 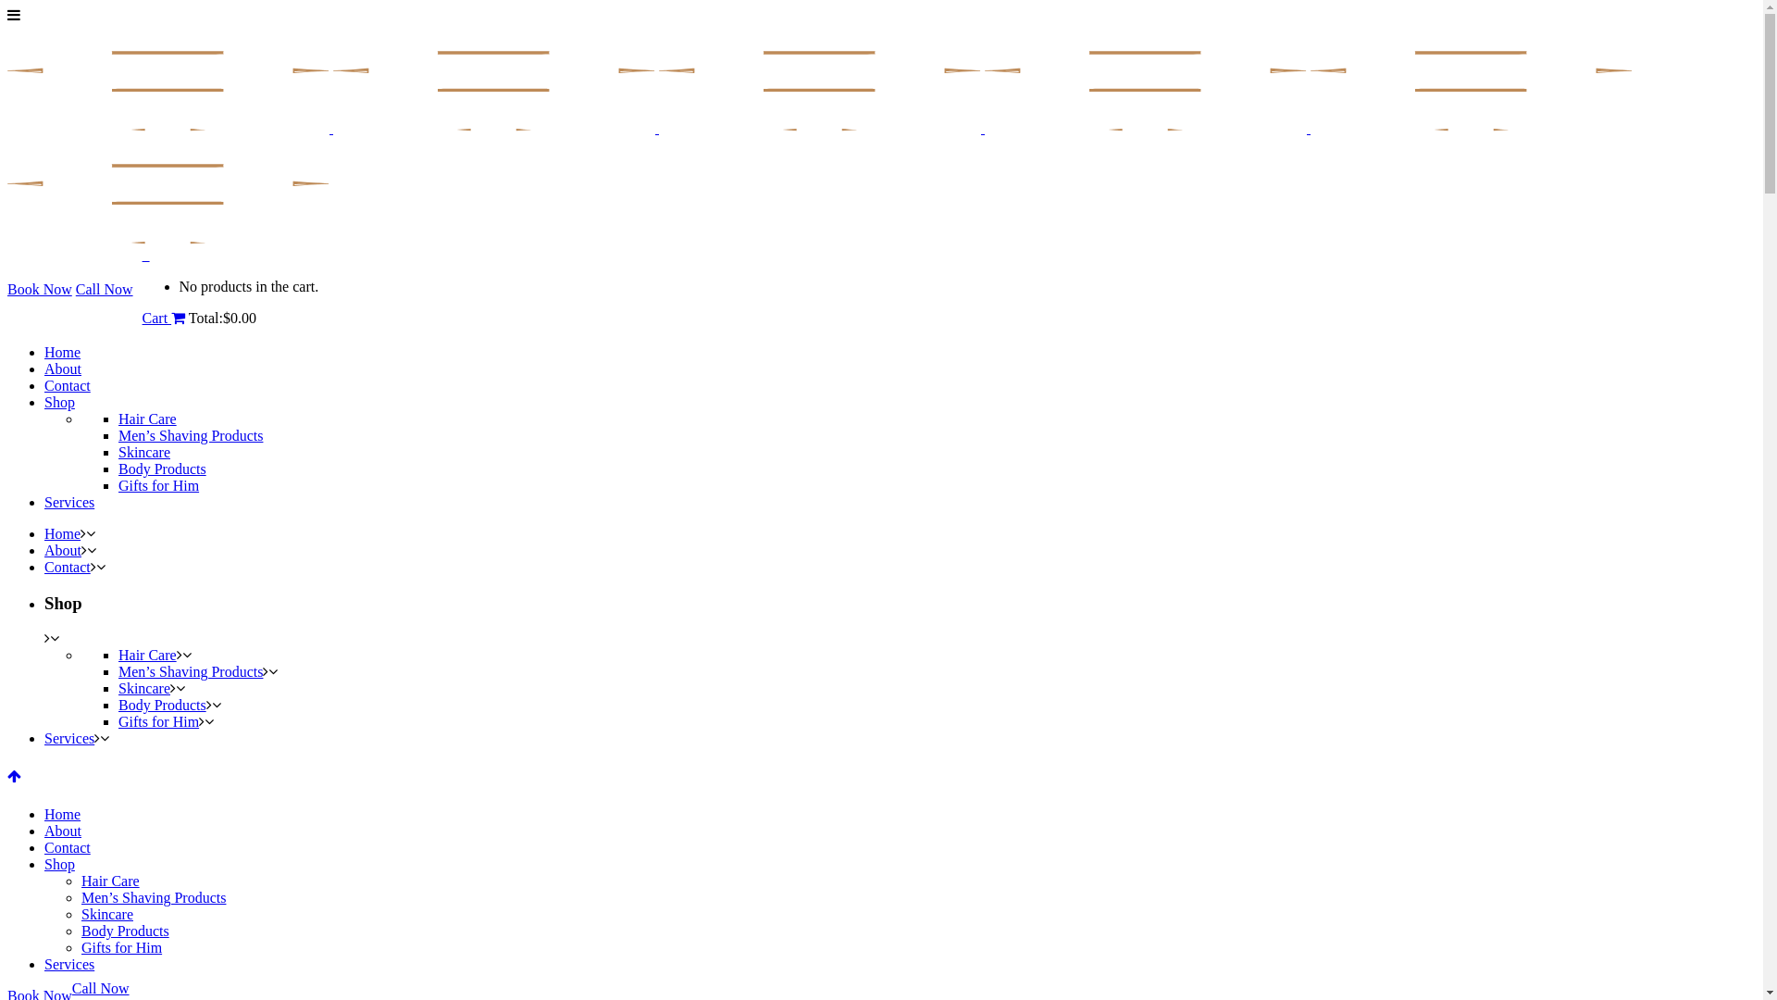 I want to click on 'About', so click(x=62, y=369).